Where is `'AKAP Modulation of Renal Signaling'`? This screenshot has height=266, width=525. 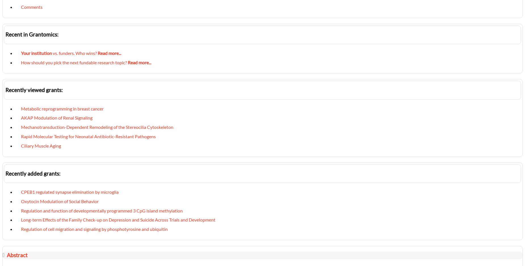 'AKAP Modulation of Renal Signaling' is located at coordinates (21, 117).